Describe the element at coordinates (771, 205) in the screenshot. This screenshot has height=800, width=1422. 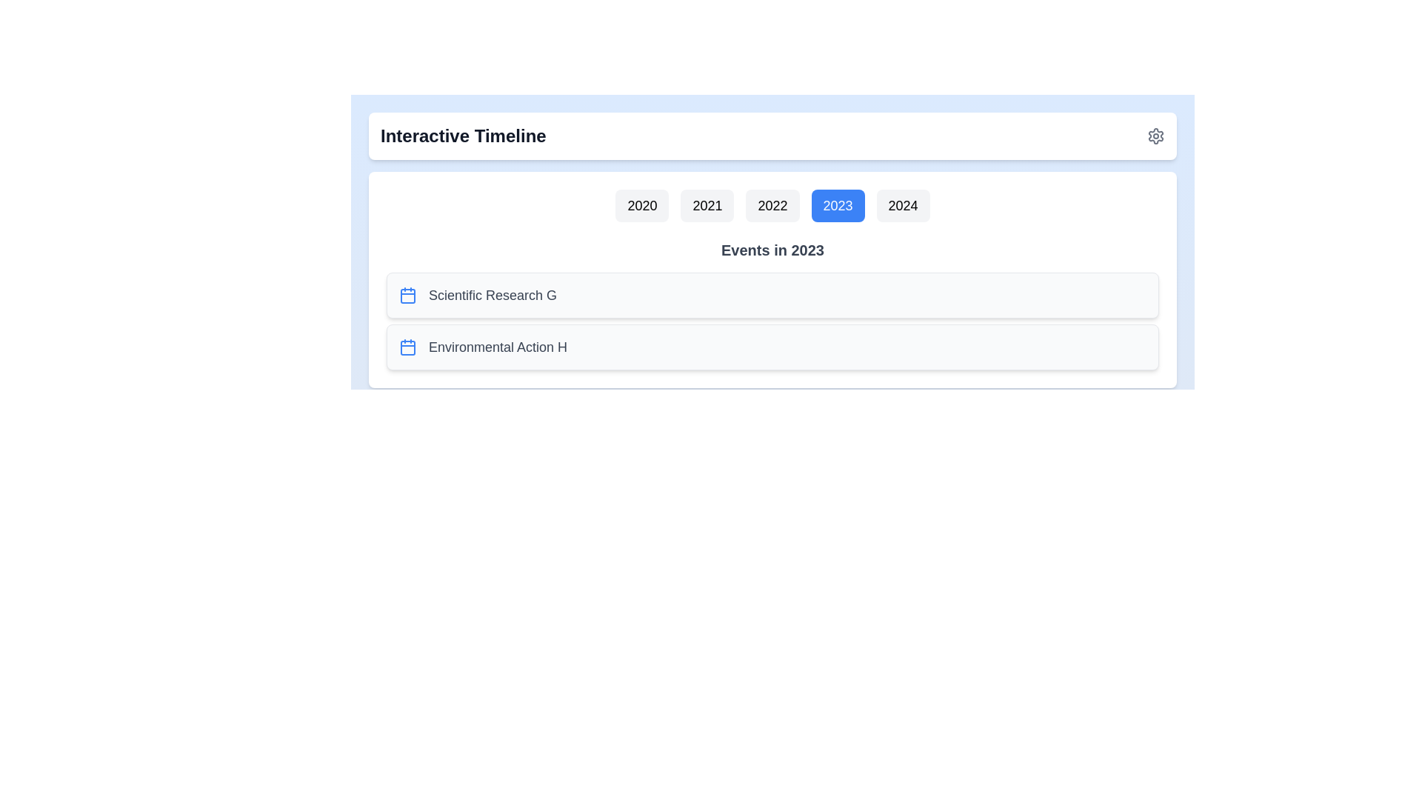
I see `the year button labeled 2022 to select it` at that location.